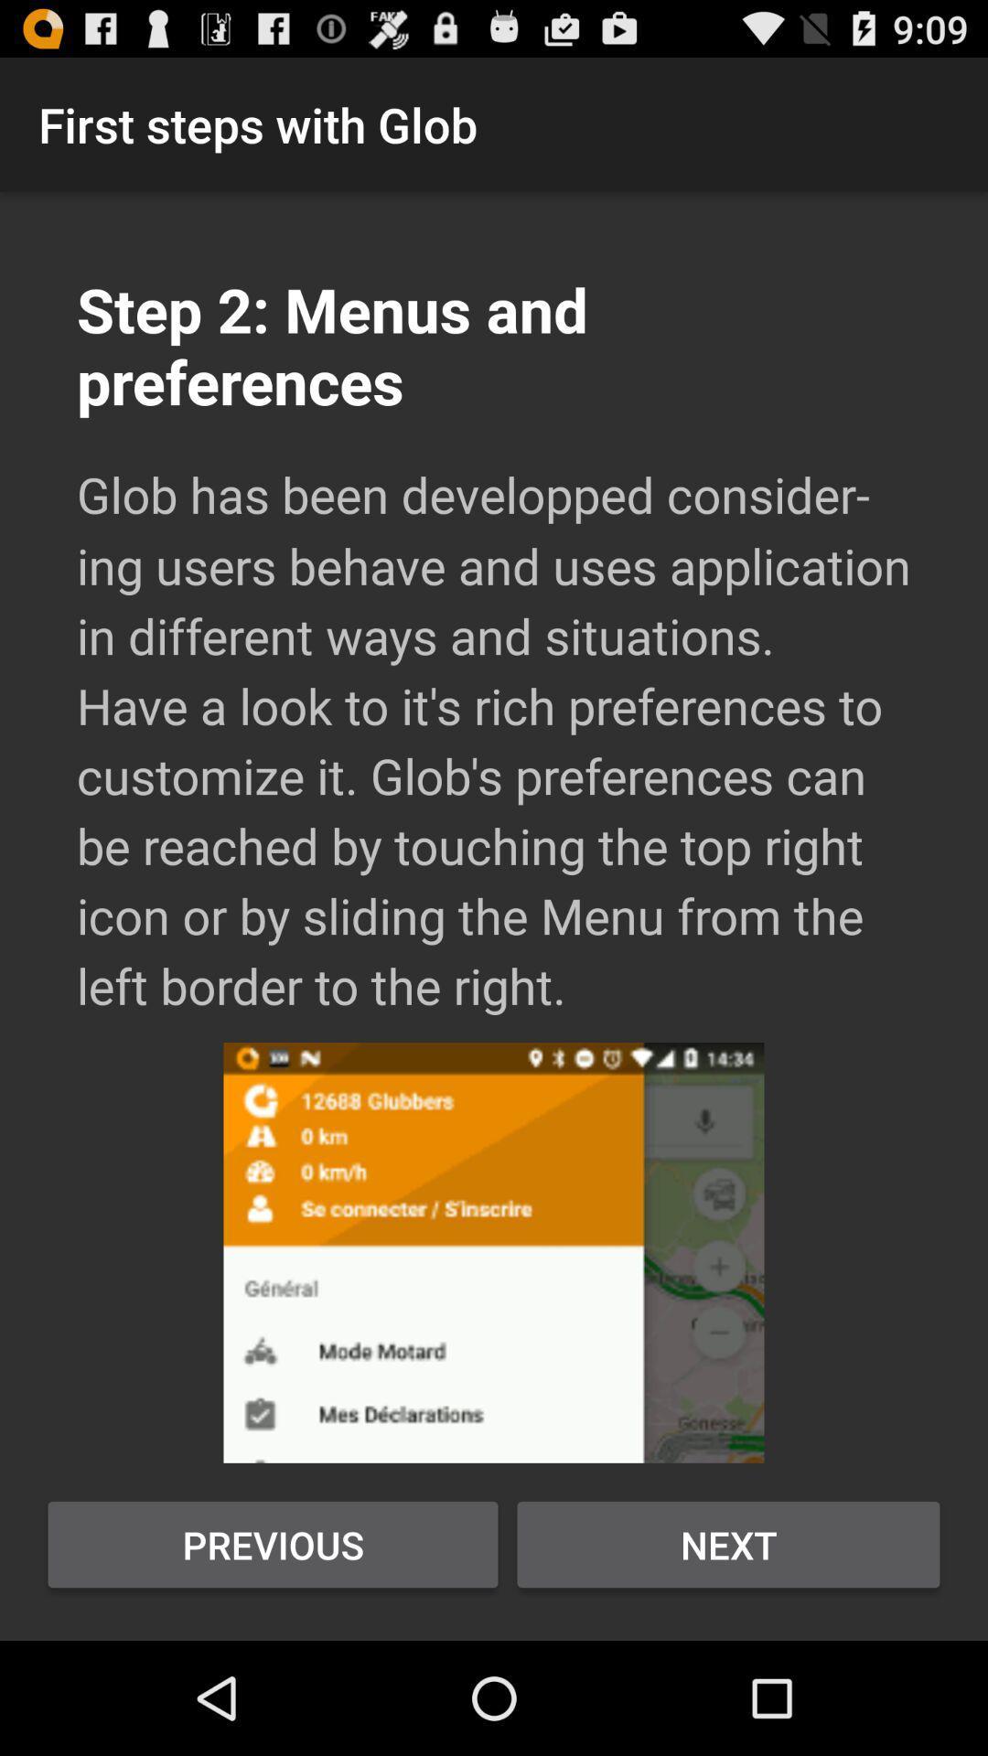 The width and height of the screenshot is (988, 1756). What do you see at coordinates (727, 1544) in the screenshot?
I see `next icon` at bounding box center [727, 1544].